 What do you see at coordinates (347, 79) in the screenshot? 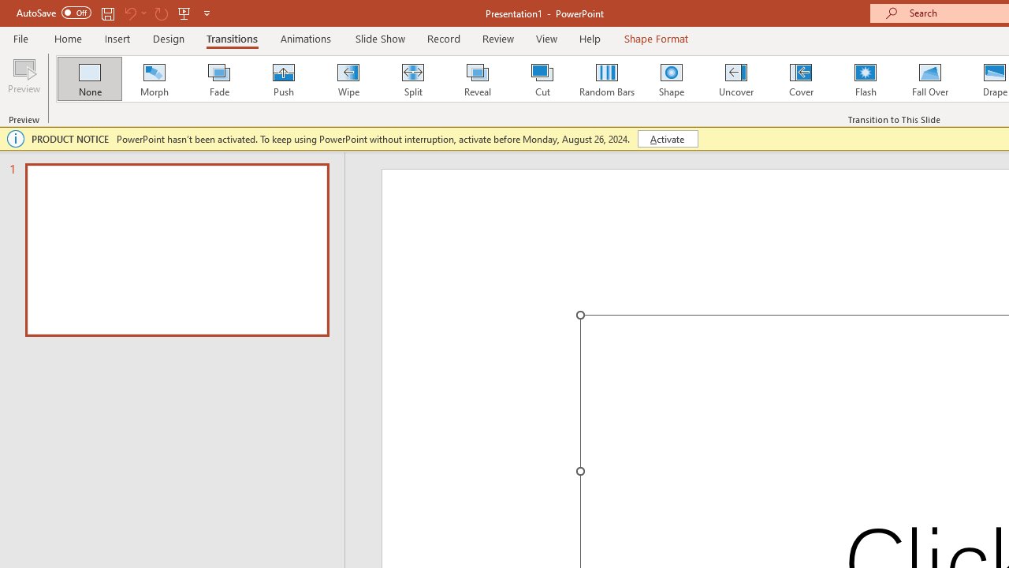
I see `'Wipe'` at bounding box center [347, 79].